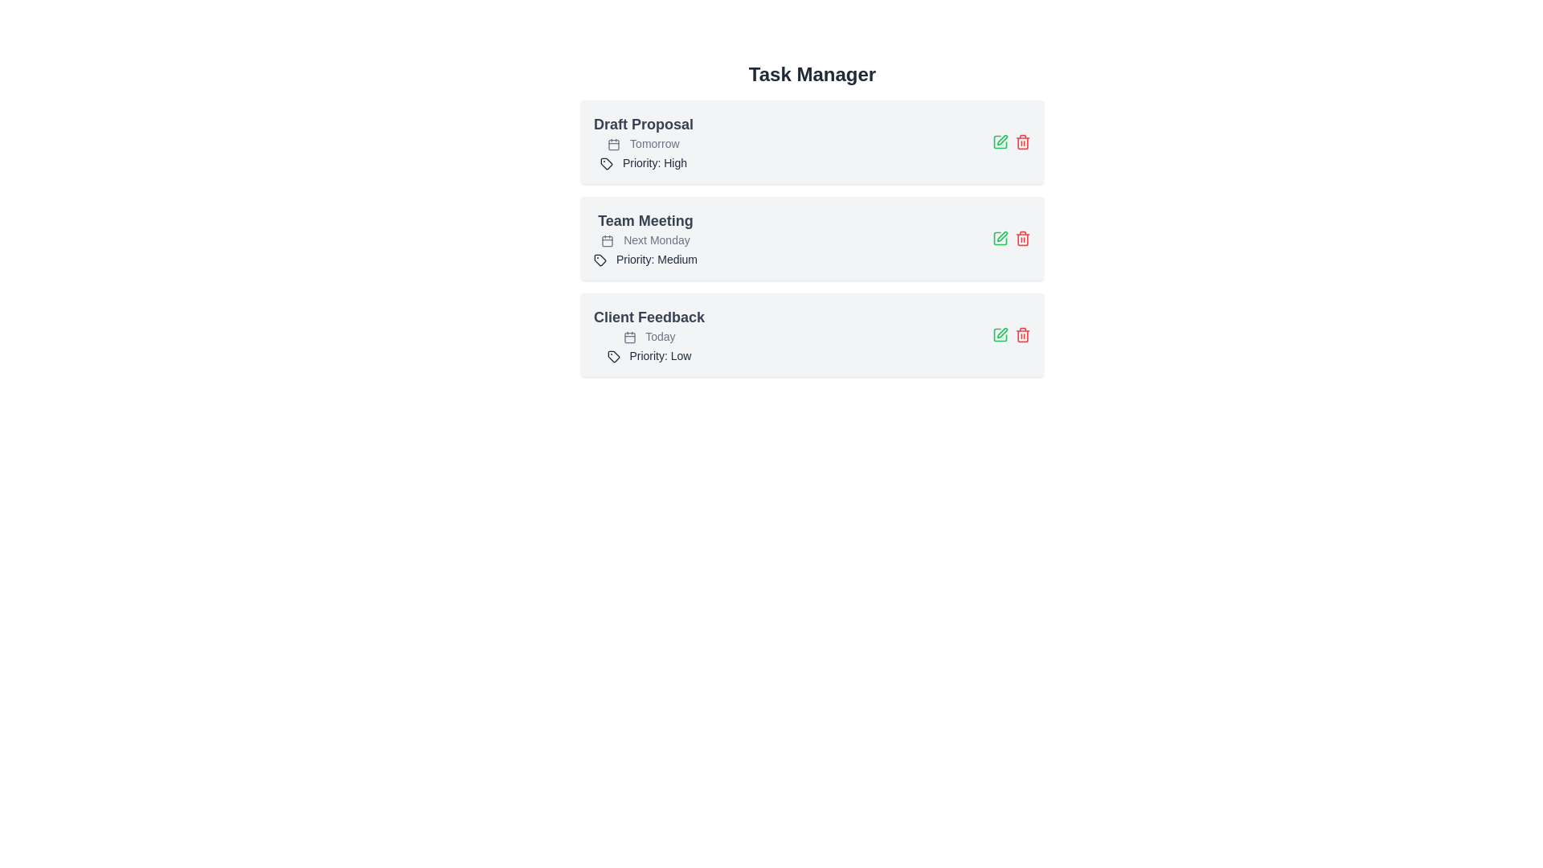 The image size is (1543, 868). I want to click on 'Priority: High' label within the 'Draft Proposal' task card, which is the third item located below the 'Tomorrow' date label, so click(644, 163).